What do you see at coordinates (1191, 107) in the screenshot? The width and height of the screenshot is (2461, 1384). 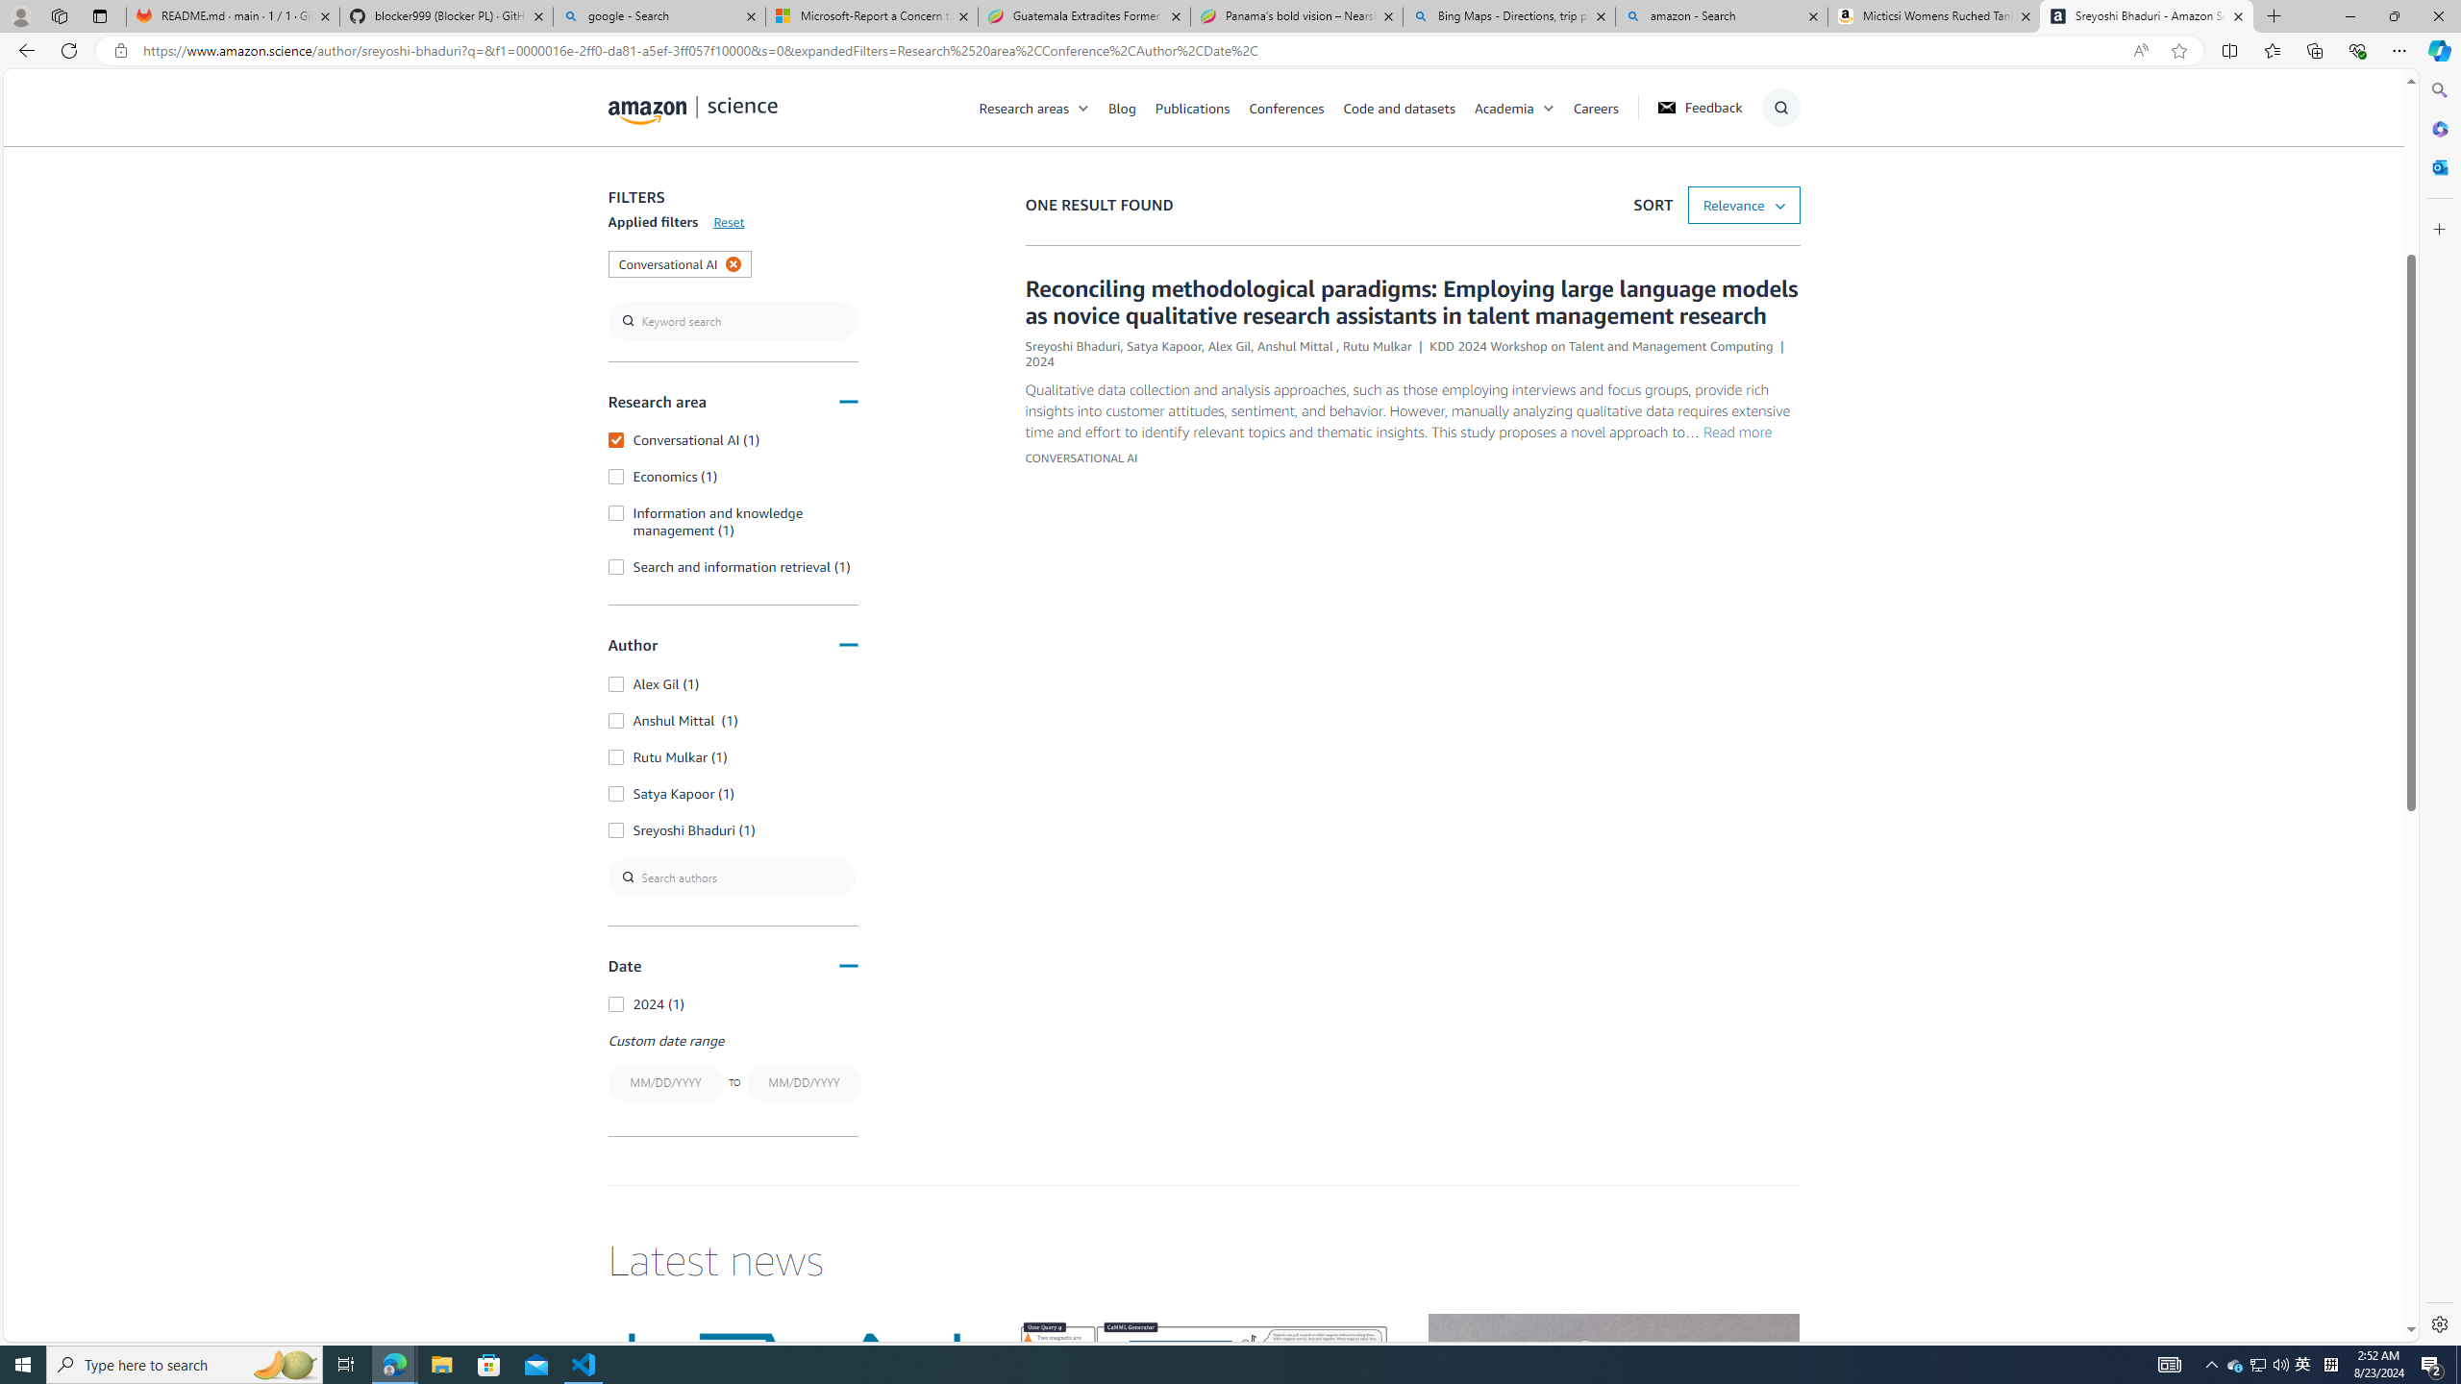 I see `'Publications'` at bounding box center [1191, 107].